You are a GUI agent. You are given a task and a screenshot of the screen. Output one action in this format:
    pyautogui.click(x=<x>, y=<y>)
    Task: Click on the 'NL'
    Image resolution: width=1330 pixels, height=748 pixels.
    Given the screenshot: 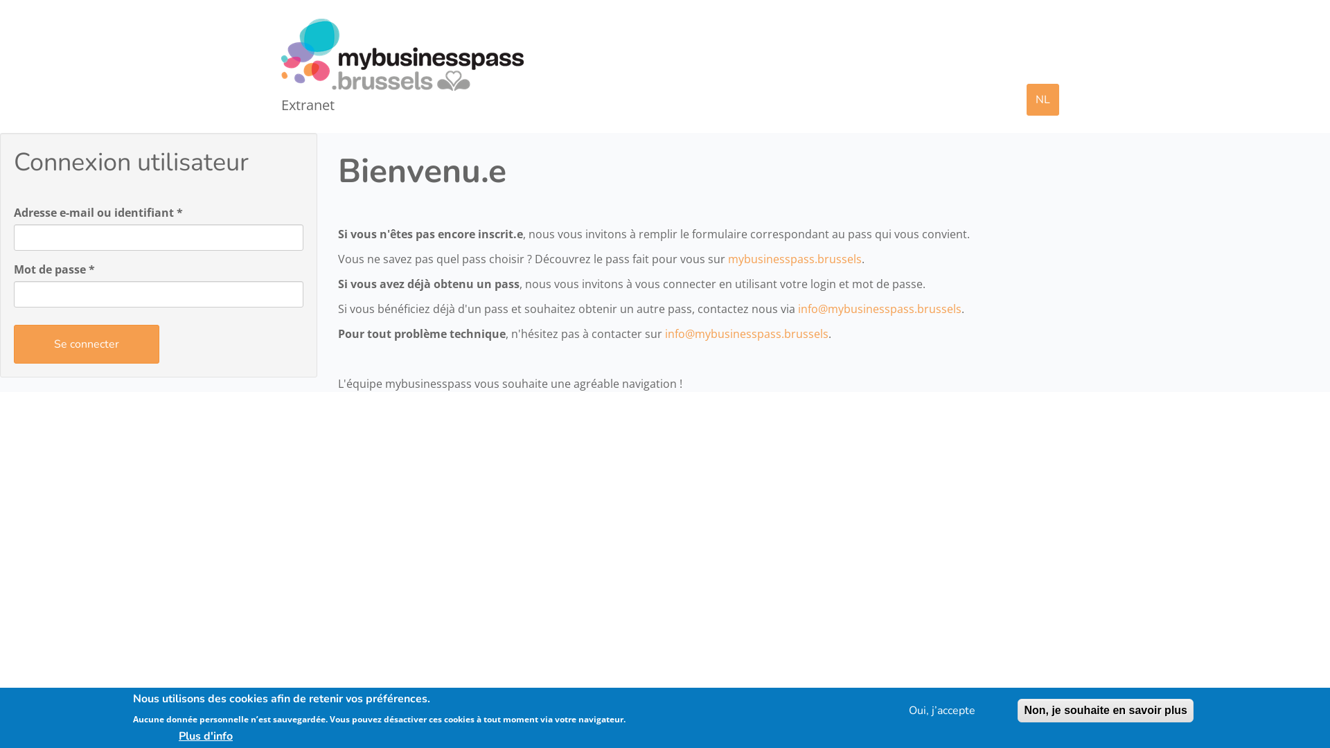 What is the action you would take?
    pyautogui.click(x=1043, y=98)
    